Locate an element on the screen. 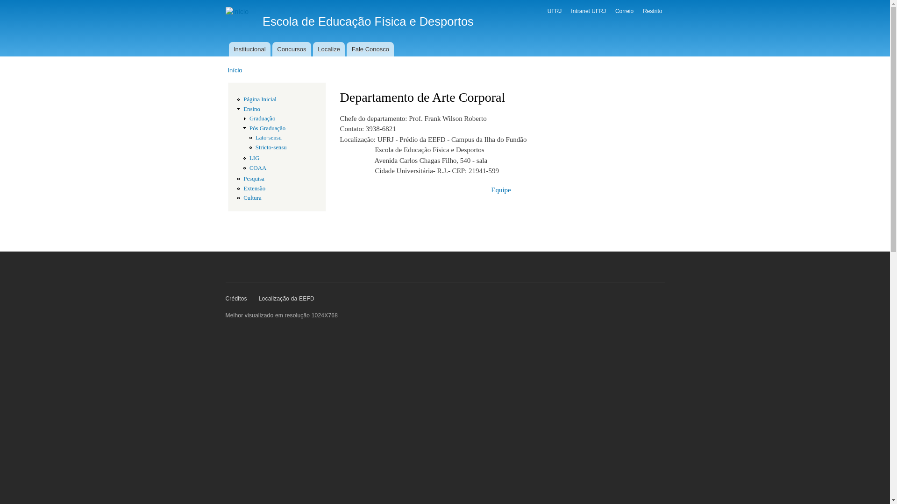 Image resolution: width=897 pixels, height=504 pixels. 'COAA' is located at coordinates (258, 167).